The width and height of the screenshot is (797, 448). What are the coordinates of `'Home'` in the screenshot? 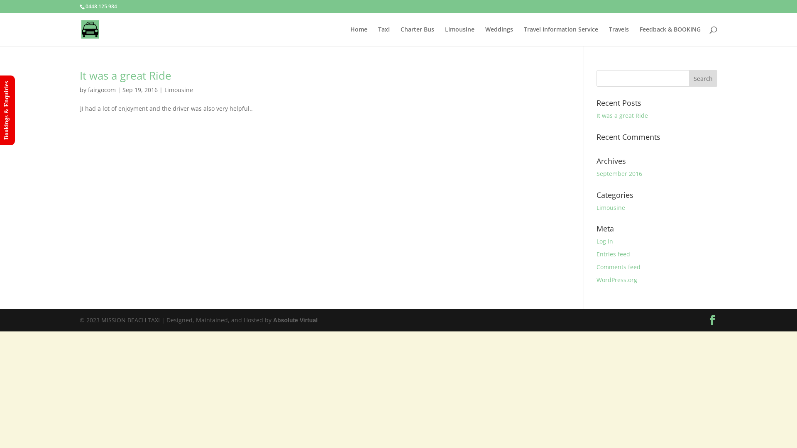 It's located at (350, 36).